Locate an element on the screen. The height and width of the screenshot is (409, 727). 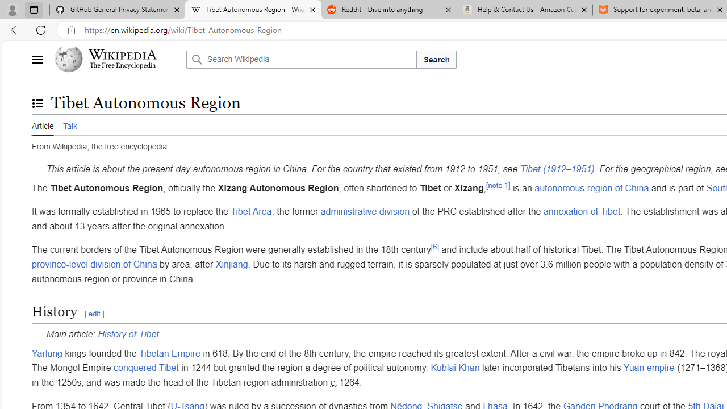
'Article' is located at coordinates (43, 124).